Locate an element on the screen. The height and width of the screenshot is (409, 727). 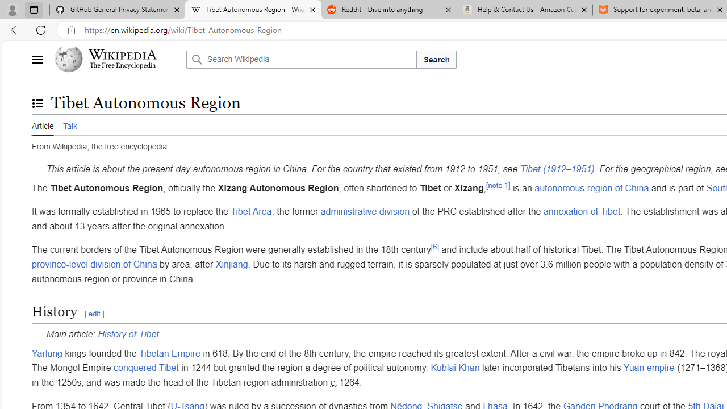
'Article' is located at coordinates (43, 124).